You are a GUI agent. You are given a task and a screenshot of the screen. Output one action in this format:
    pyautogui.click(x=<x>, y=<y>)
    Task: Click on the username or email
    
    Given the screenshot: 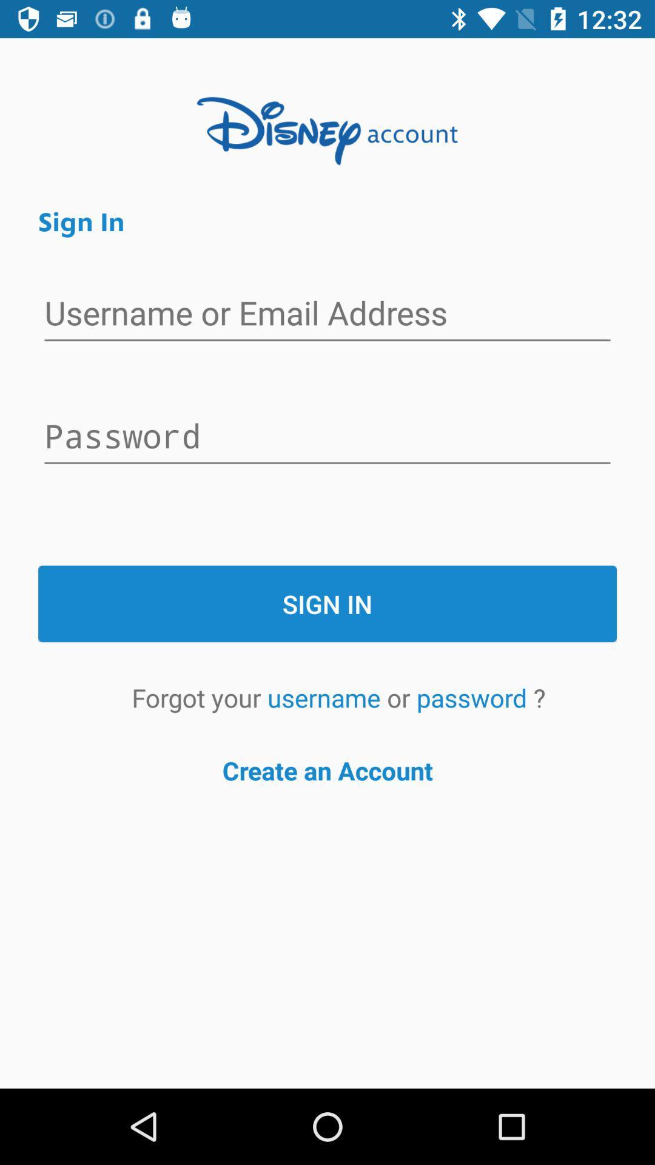 What is the action you would take?
    pyautogui.click(x=327, y=314)
    